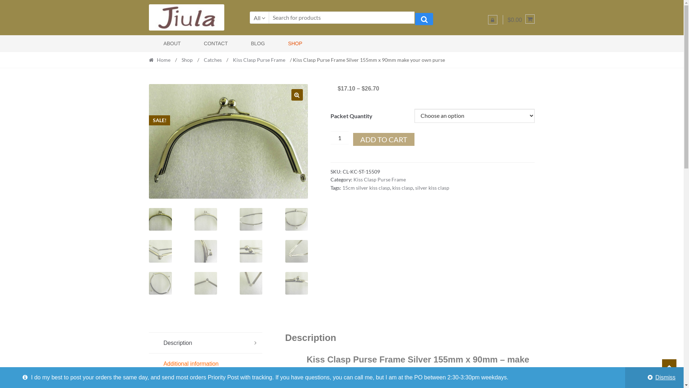 The image size is (689, 388). Describe the element at coordinates (185, 43) in the screenshot. I see `'CONTACT'` at that location.